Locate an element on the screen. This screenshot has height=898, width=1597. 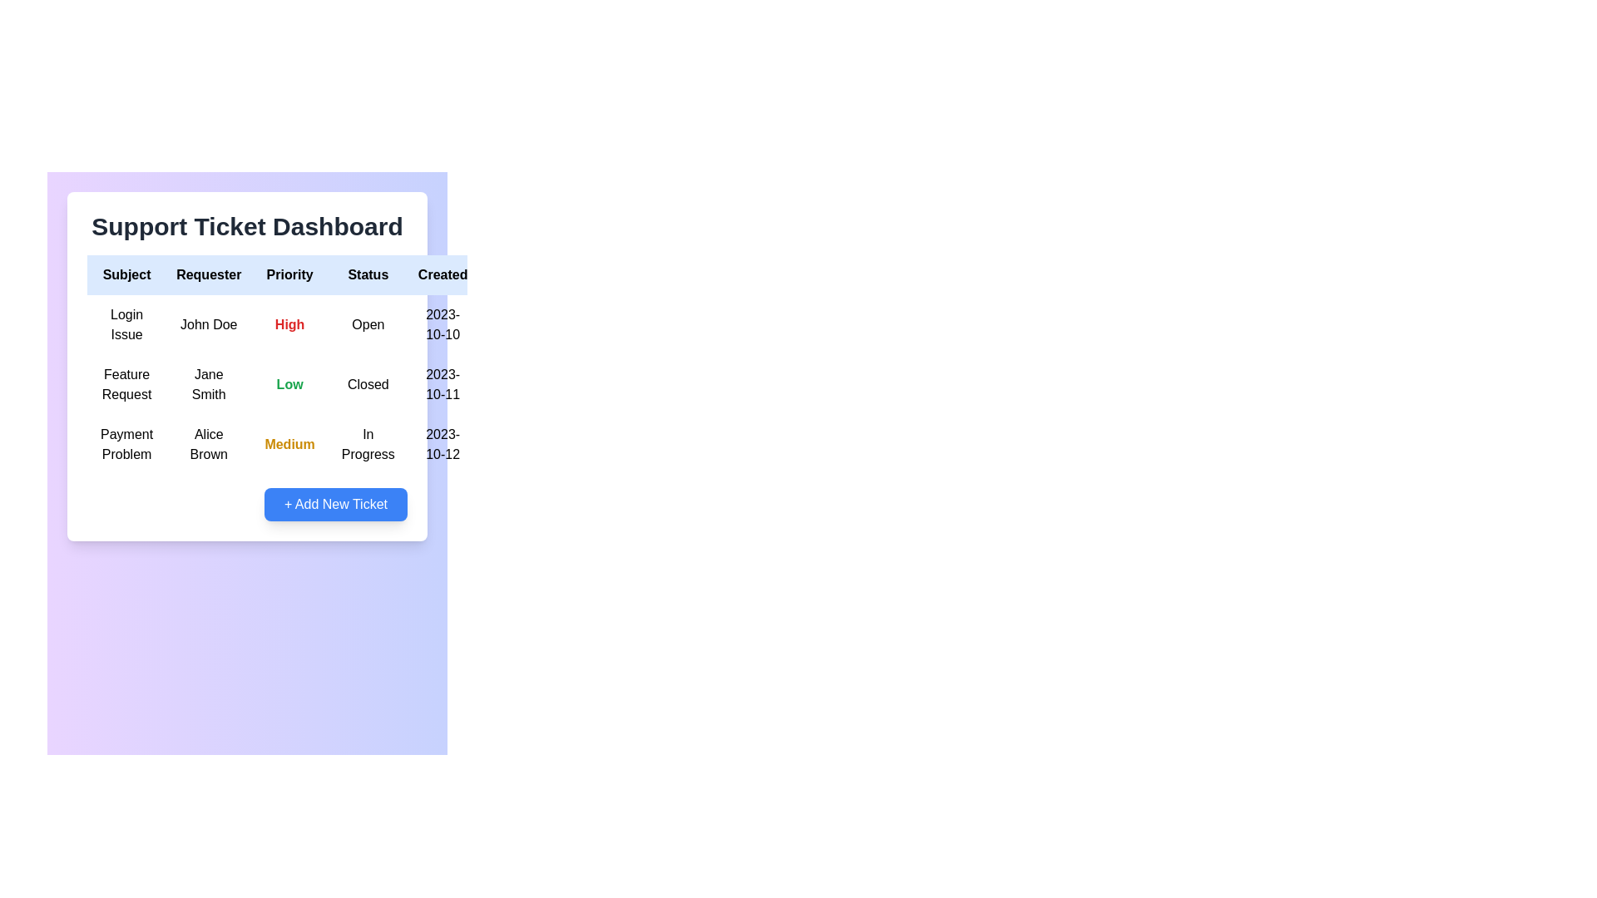
the text display indicating the creation date of the 'Feature Request' entry, located in the fifth column of the second row under the 'Created' column is located at coordinates (443, 384).